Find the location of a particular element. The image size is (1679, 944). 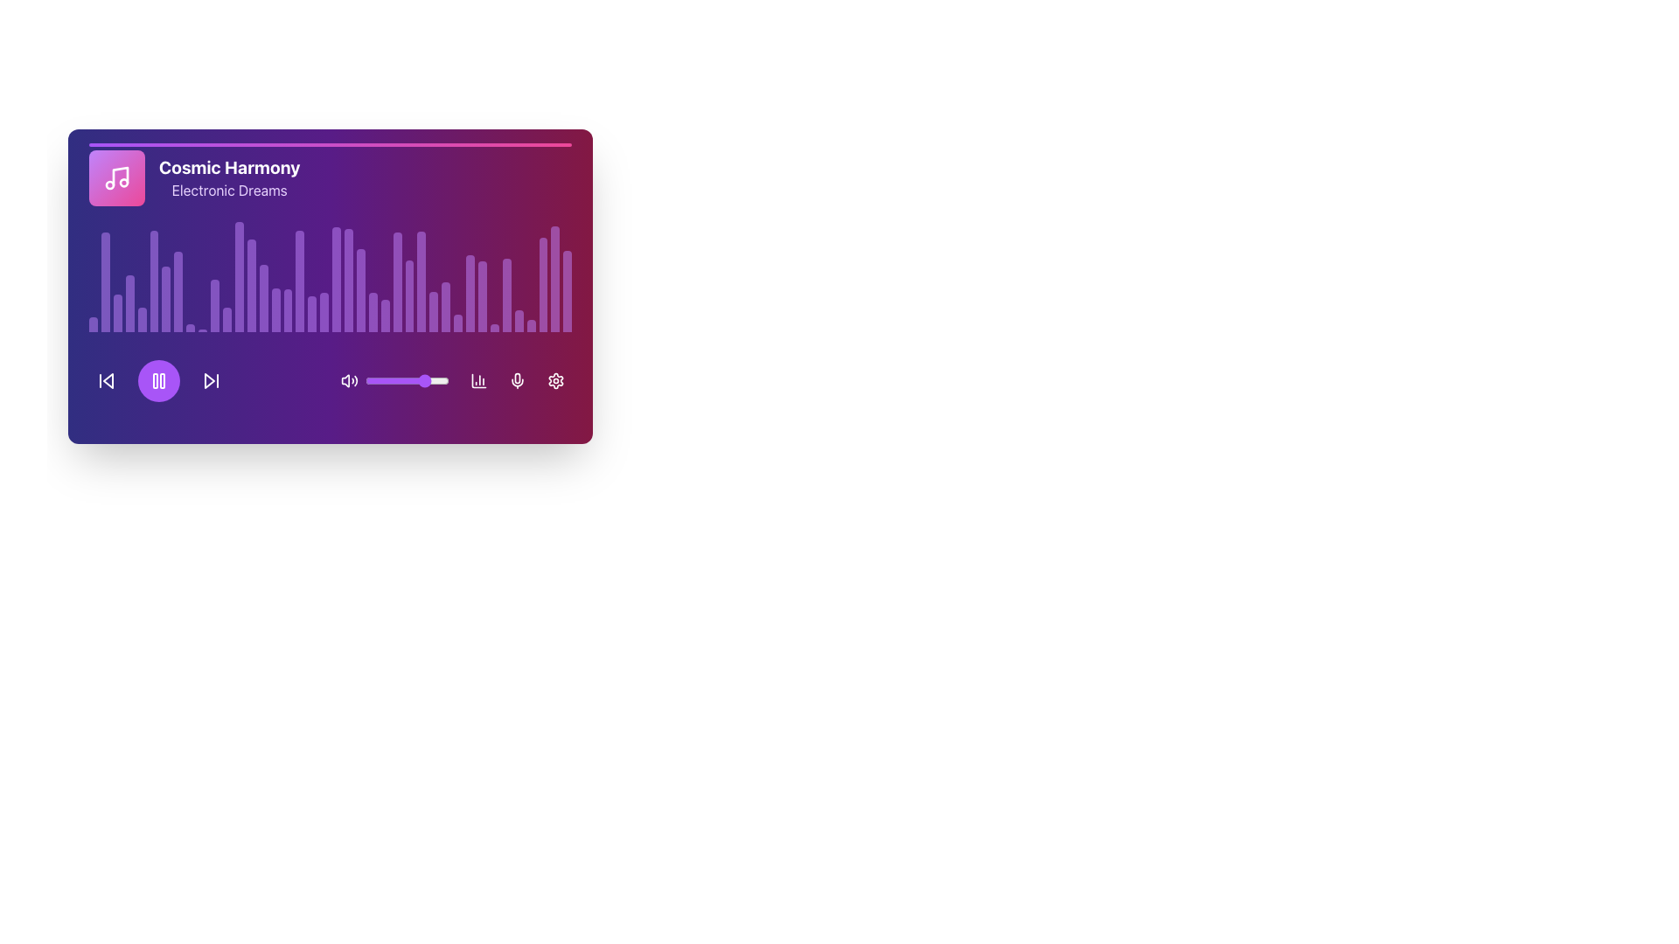

the value of the slider is located at coordinates (375, 379).